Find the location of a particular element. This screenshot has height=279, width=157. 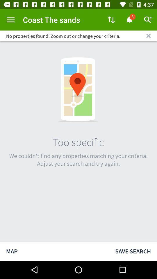

save search is located at coordinates (133, 251).